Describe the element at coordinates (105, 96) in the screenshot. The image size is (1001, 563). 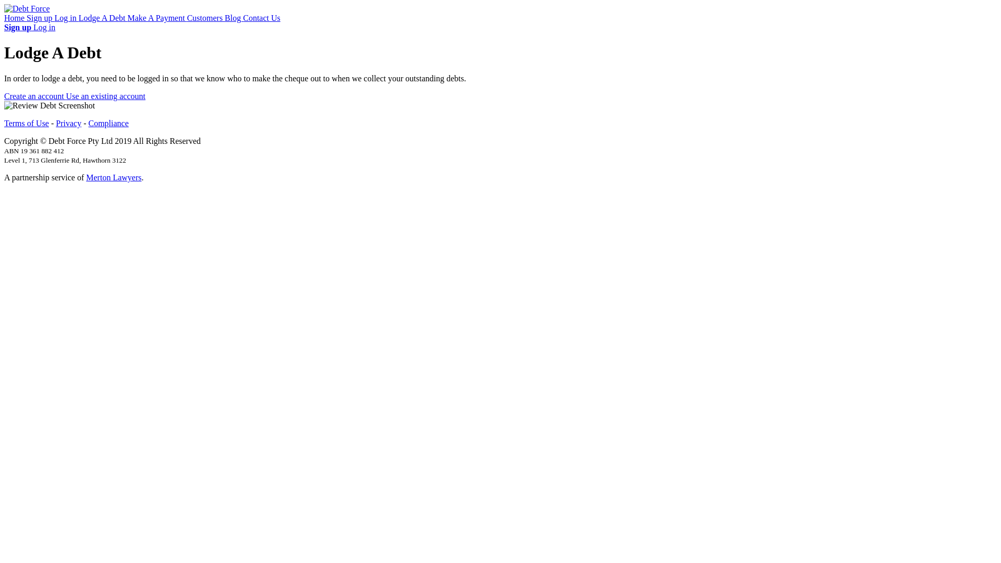
I see `'Use an existing account'` at that location.